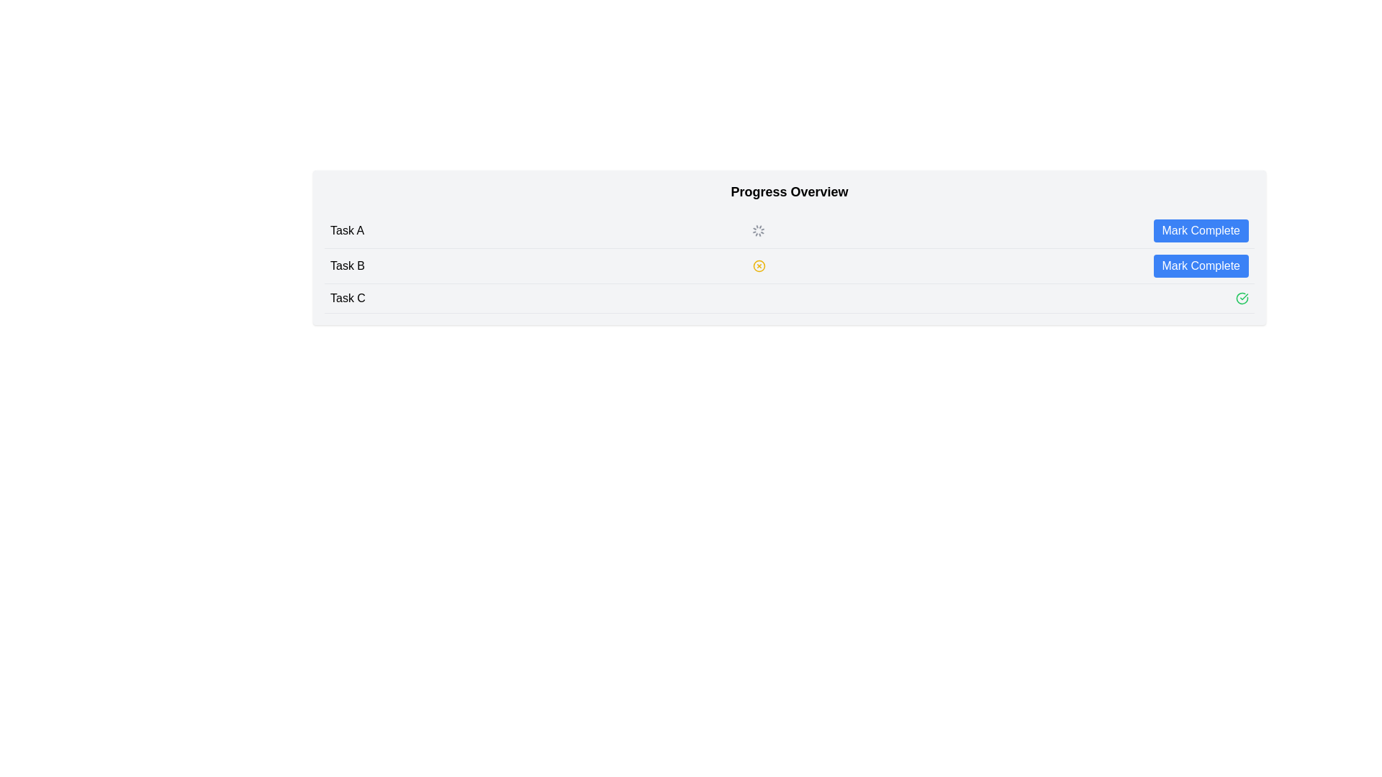  What do you see at coordinates (347, 230) in the screenshot?
I see `the 'Task A' text label to focus on or select the item` at bounding box center [347, 230].